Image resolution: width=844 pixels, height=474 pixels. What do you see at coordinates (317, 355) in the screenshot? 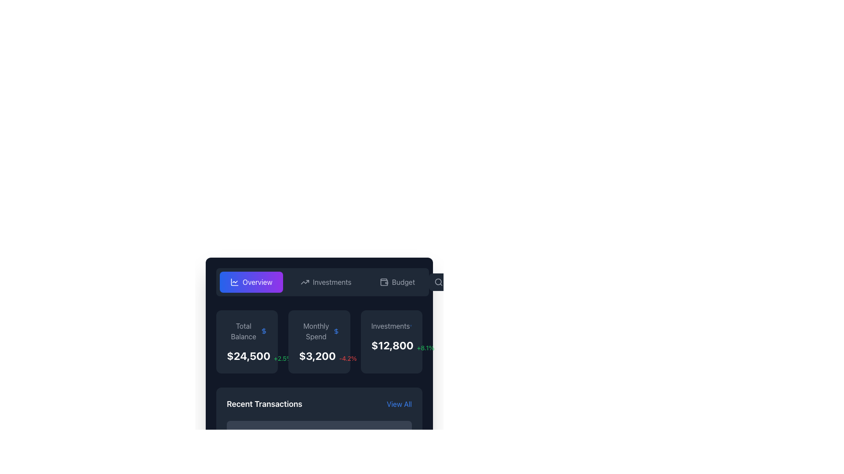
I see `text label displaying '$3,200' in white, bold font, located below the 'Monthly Spend' title and to the left of the '-4.2%' text` at bounding box center [317, 355].